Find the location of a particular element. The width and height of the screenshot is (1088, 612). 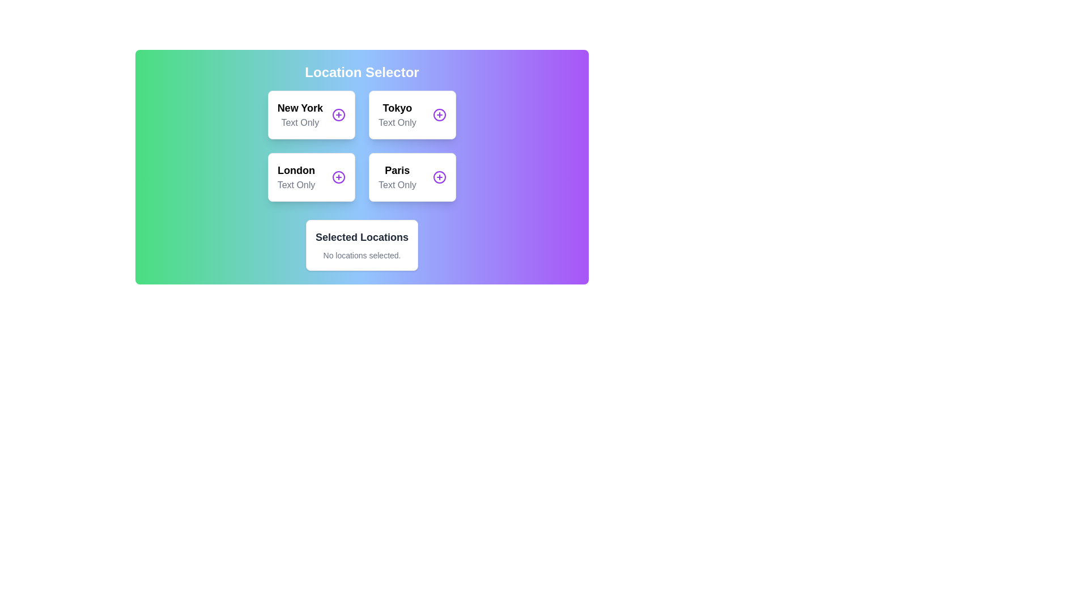

the button labeled 'Tokyo' located on the right side of its rectangular card within the 'Location Selector' area to trigger visual feedback is located at coordinates (439, 115).